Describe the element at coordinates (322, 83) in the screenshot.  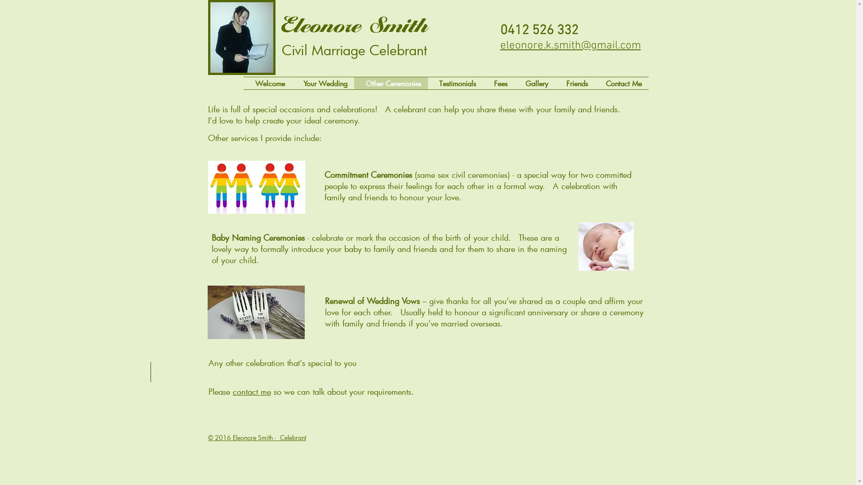
I see `'Your Wedding'` at that location.